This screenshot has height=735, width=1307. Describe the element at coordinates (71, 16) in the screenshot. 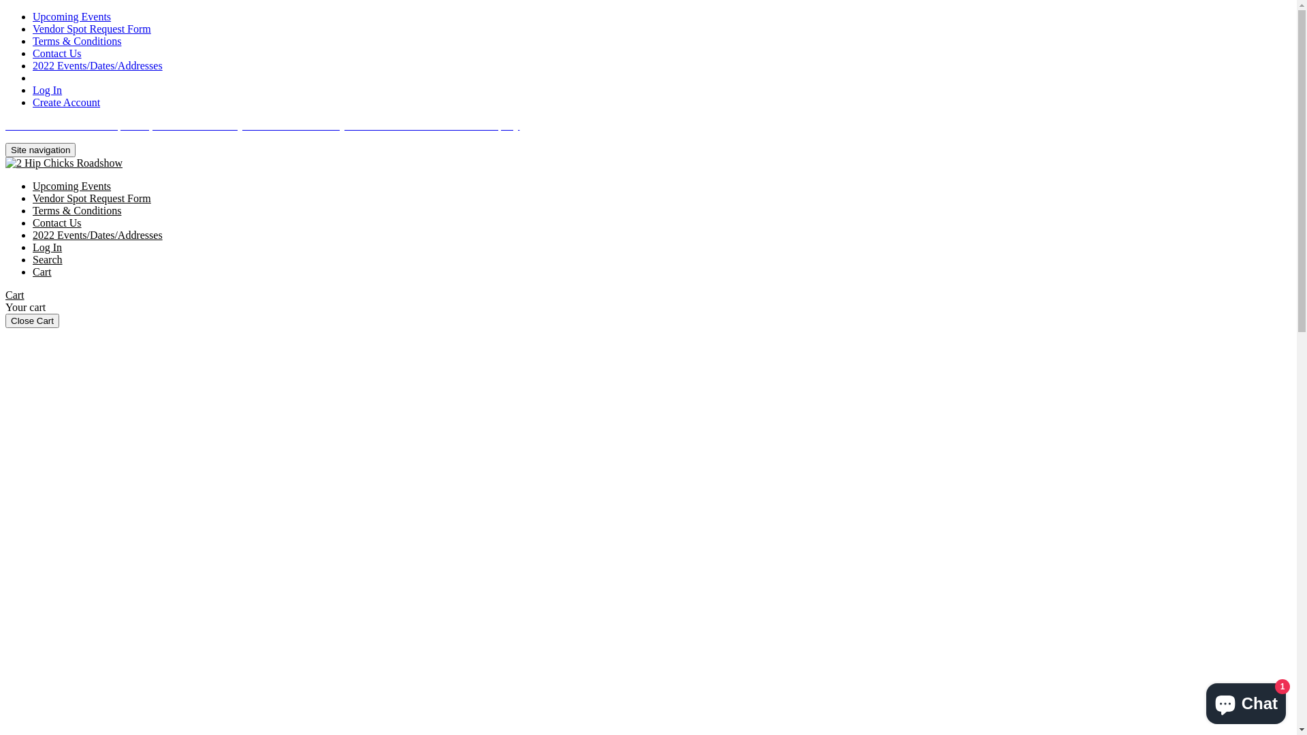

I see `'Upcoming Events'` at that location.